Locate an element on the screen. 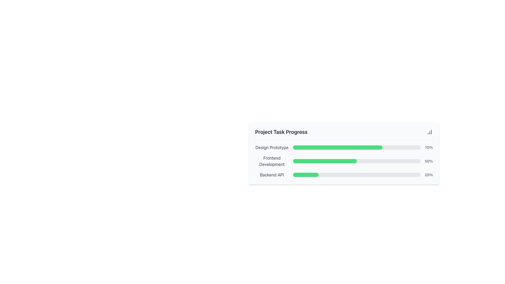  the Progress Bar indicating the completion percentage for the 'Frontend Development' task, which is located below the 'Design Prototype' progress bar and above the 'Backend API' progress bar is located at coordinates (344, 161).